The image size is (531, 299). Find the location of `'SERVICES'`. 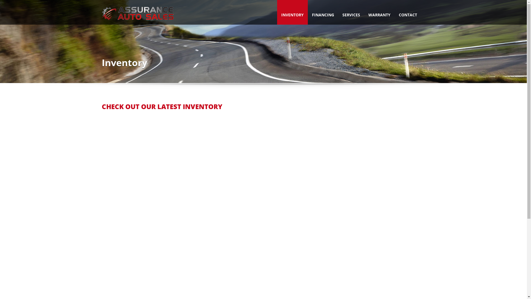

'SERVICES' is located at coordinates (350, 12).